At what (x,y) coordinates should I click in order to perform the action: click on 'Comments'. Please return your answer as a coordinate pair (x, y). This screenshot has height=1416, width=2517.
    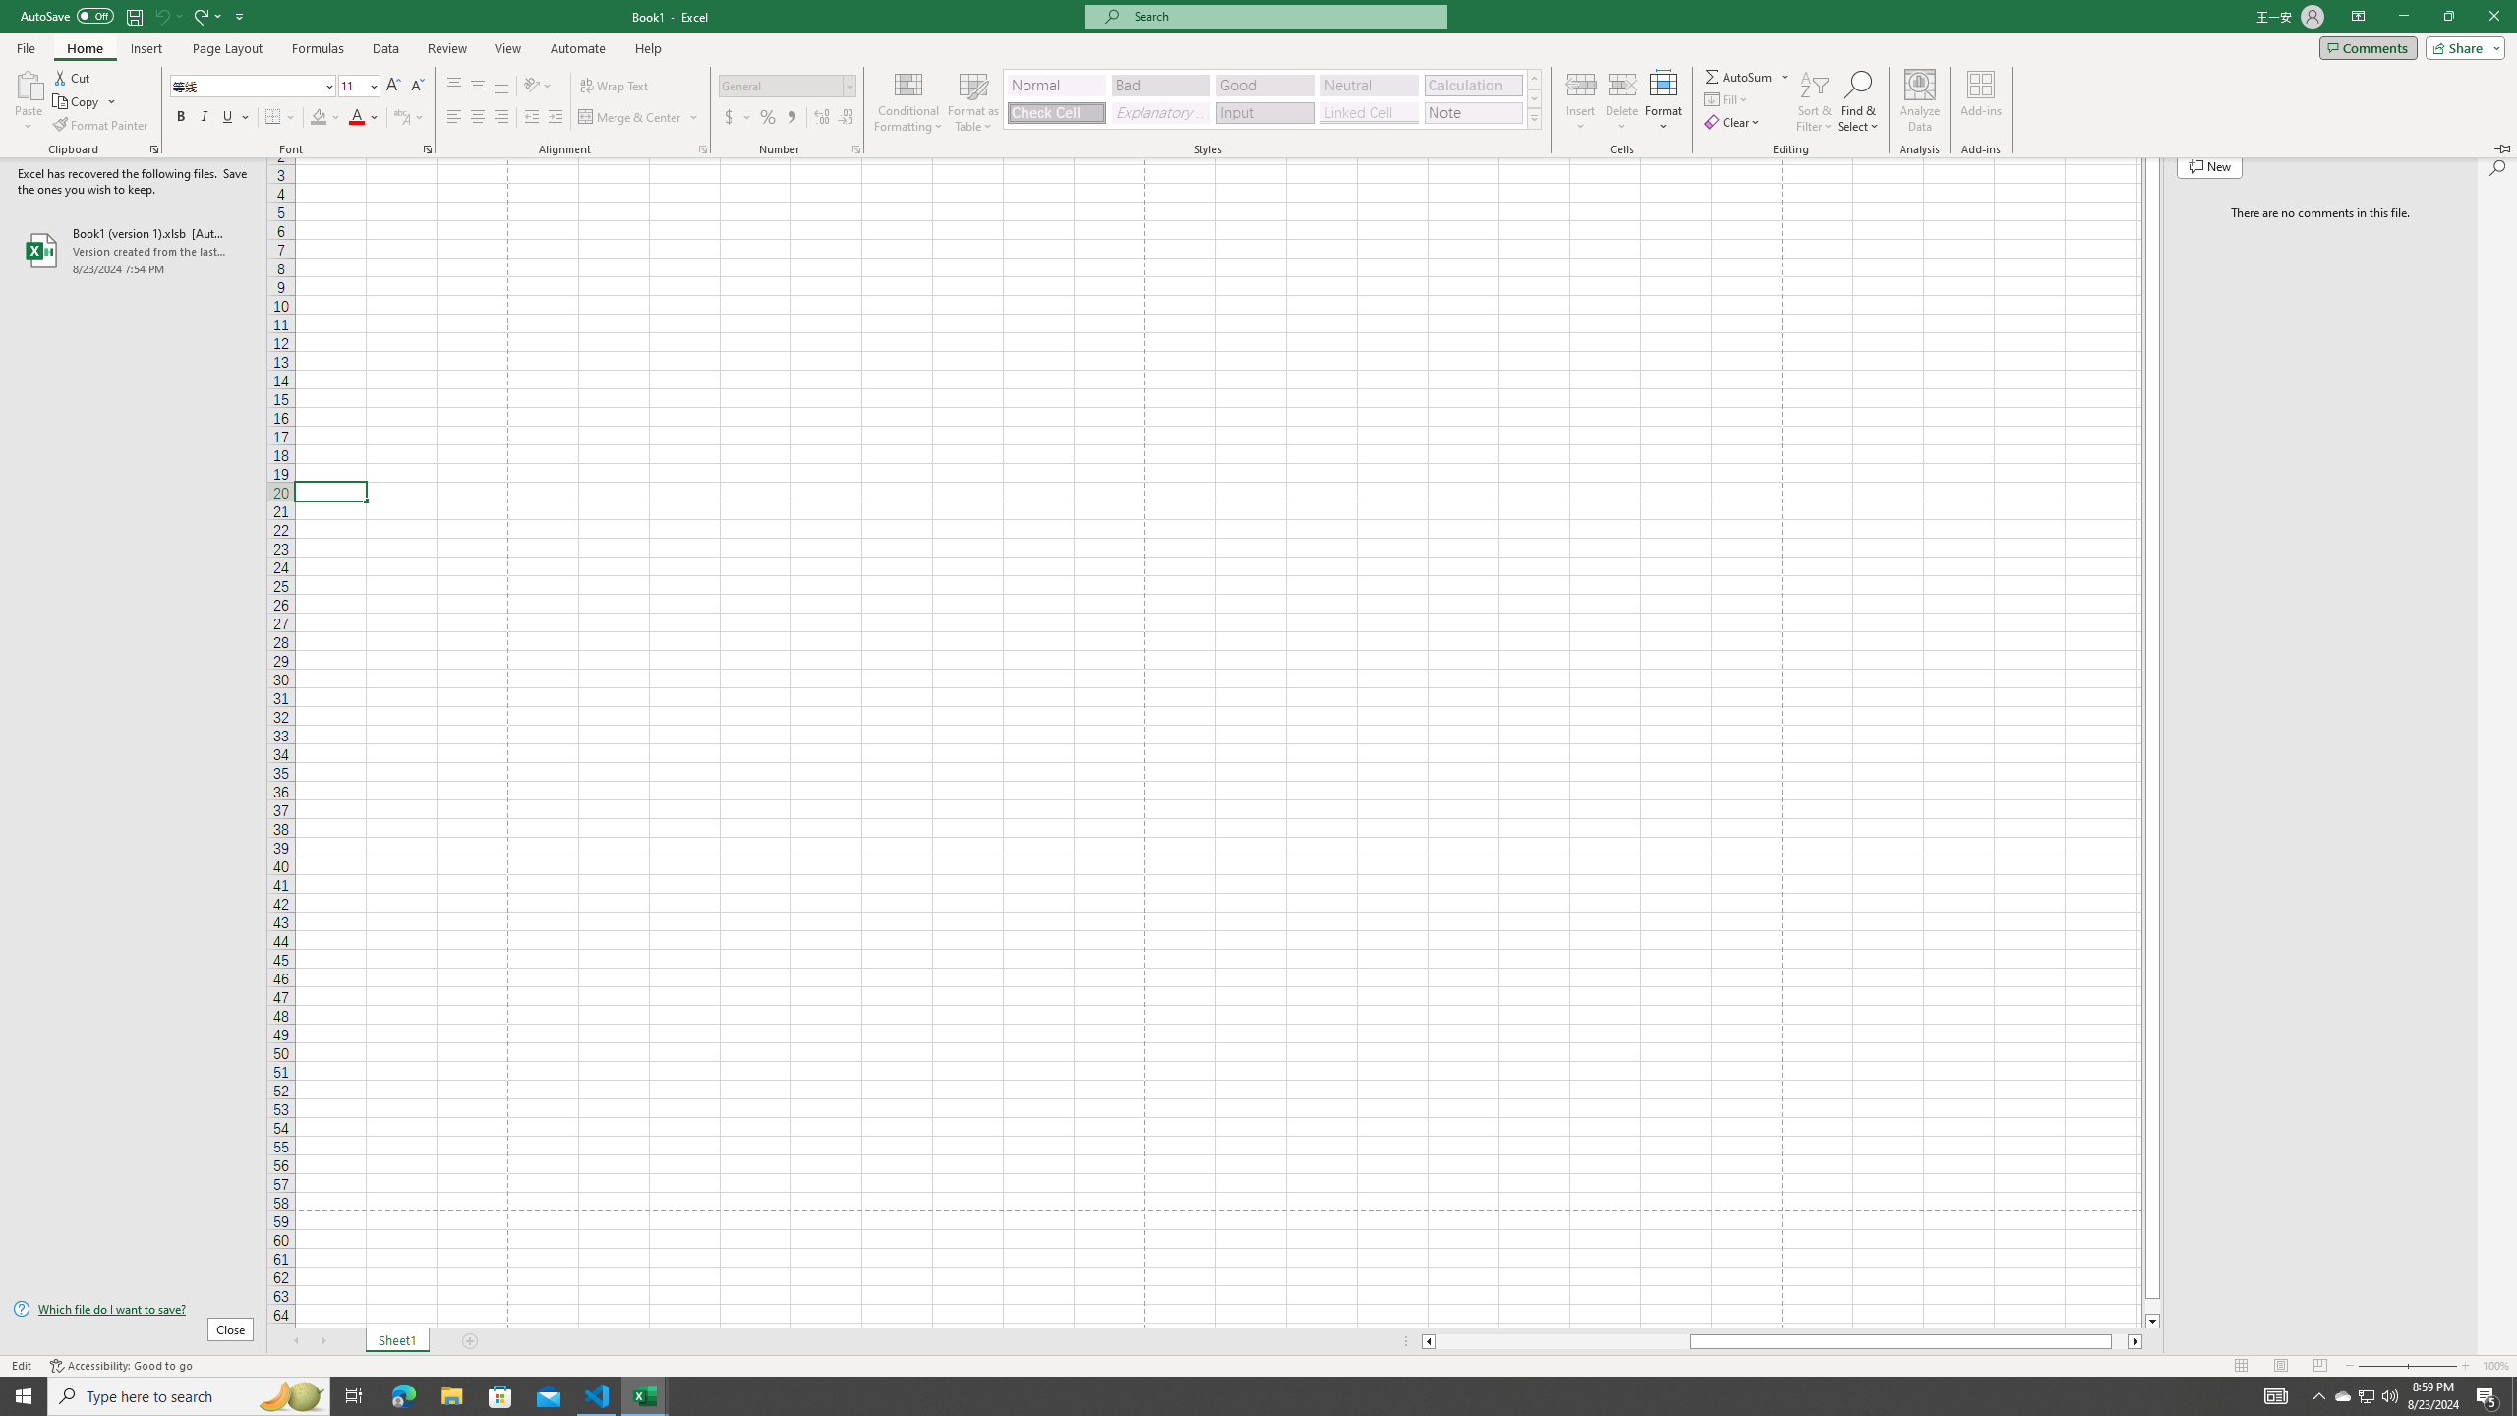
    Looking at the image, I should click on (2368, 46).